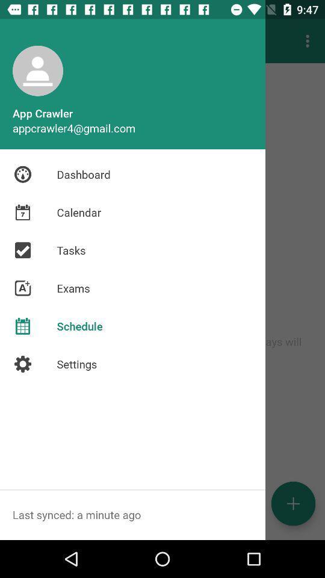  I want to click on the fourth icon from the top, so click(23, 288).